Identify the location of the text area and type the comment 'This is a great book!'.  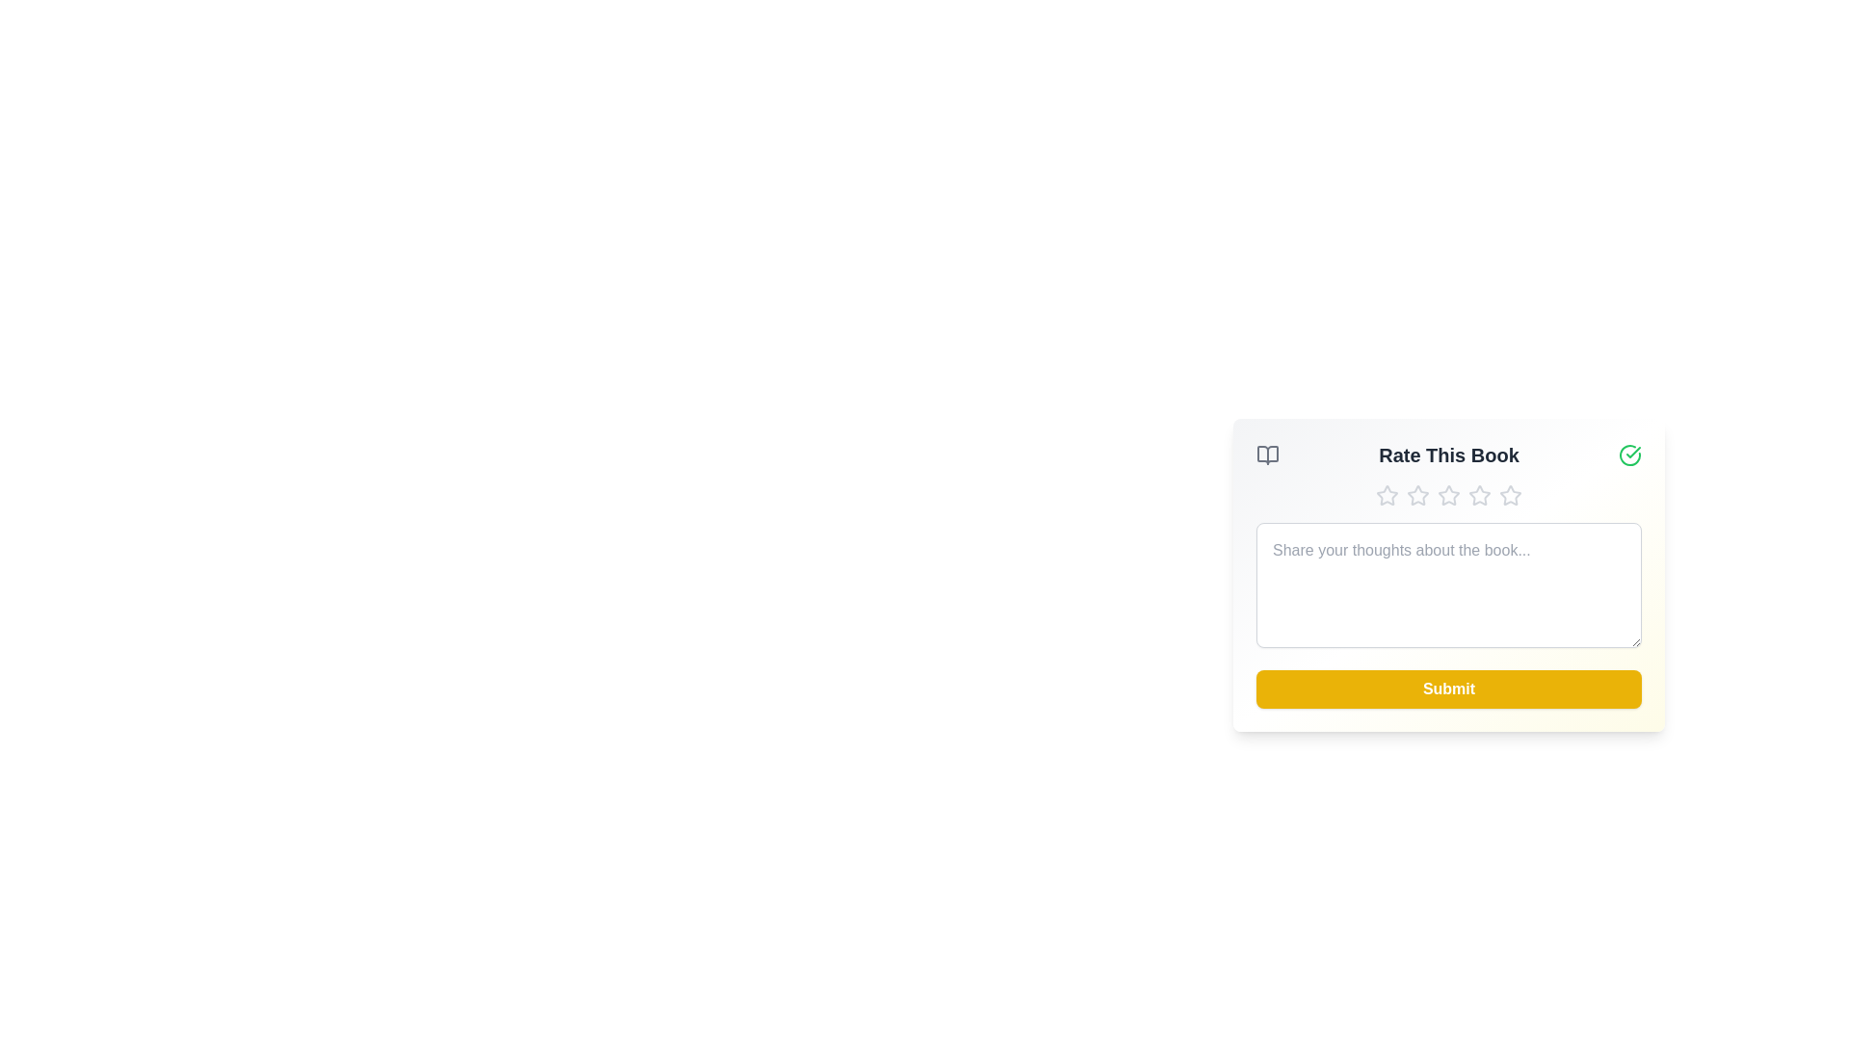
(1448, 585).